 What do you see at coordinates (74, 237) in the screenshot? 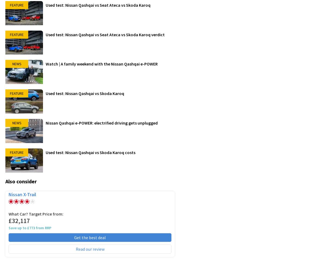
I see `'Get the best deal'` at bounding box center [74, 237].